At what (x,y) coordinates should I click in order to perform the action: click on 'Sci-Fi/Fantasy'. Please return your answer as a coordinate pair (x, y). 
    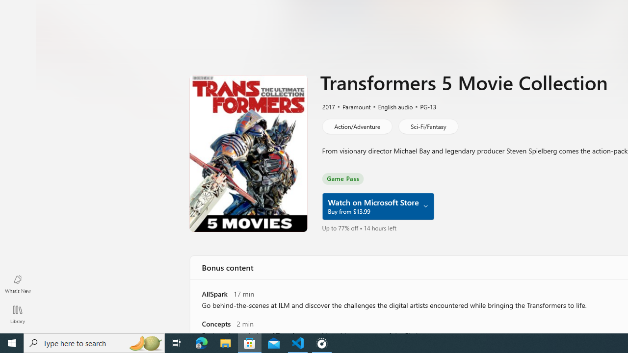
    Looking at the image, I should click on (428, 126).